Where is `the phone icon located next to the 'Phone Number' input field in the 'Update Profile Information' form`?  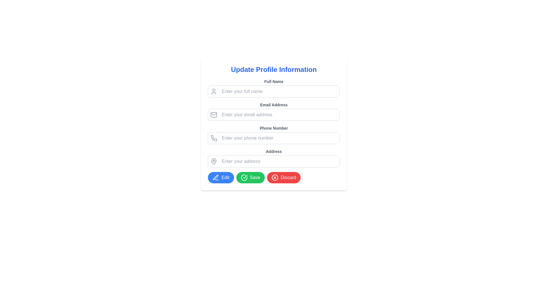 the phone icon located next to the 'Phone Number' input field in the 'Update Profile Information' form is located at coordinates (214, 138).